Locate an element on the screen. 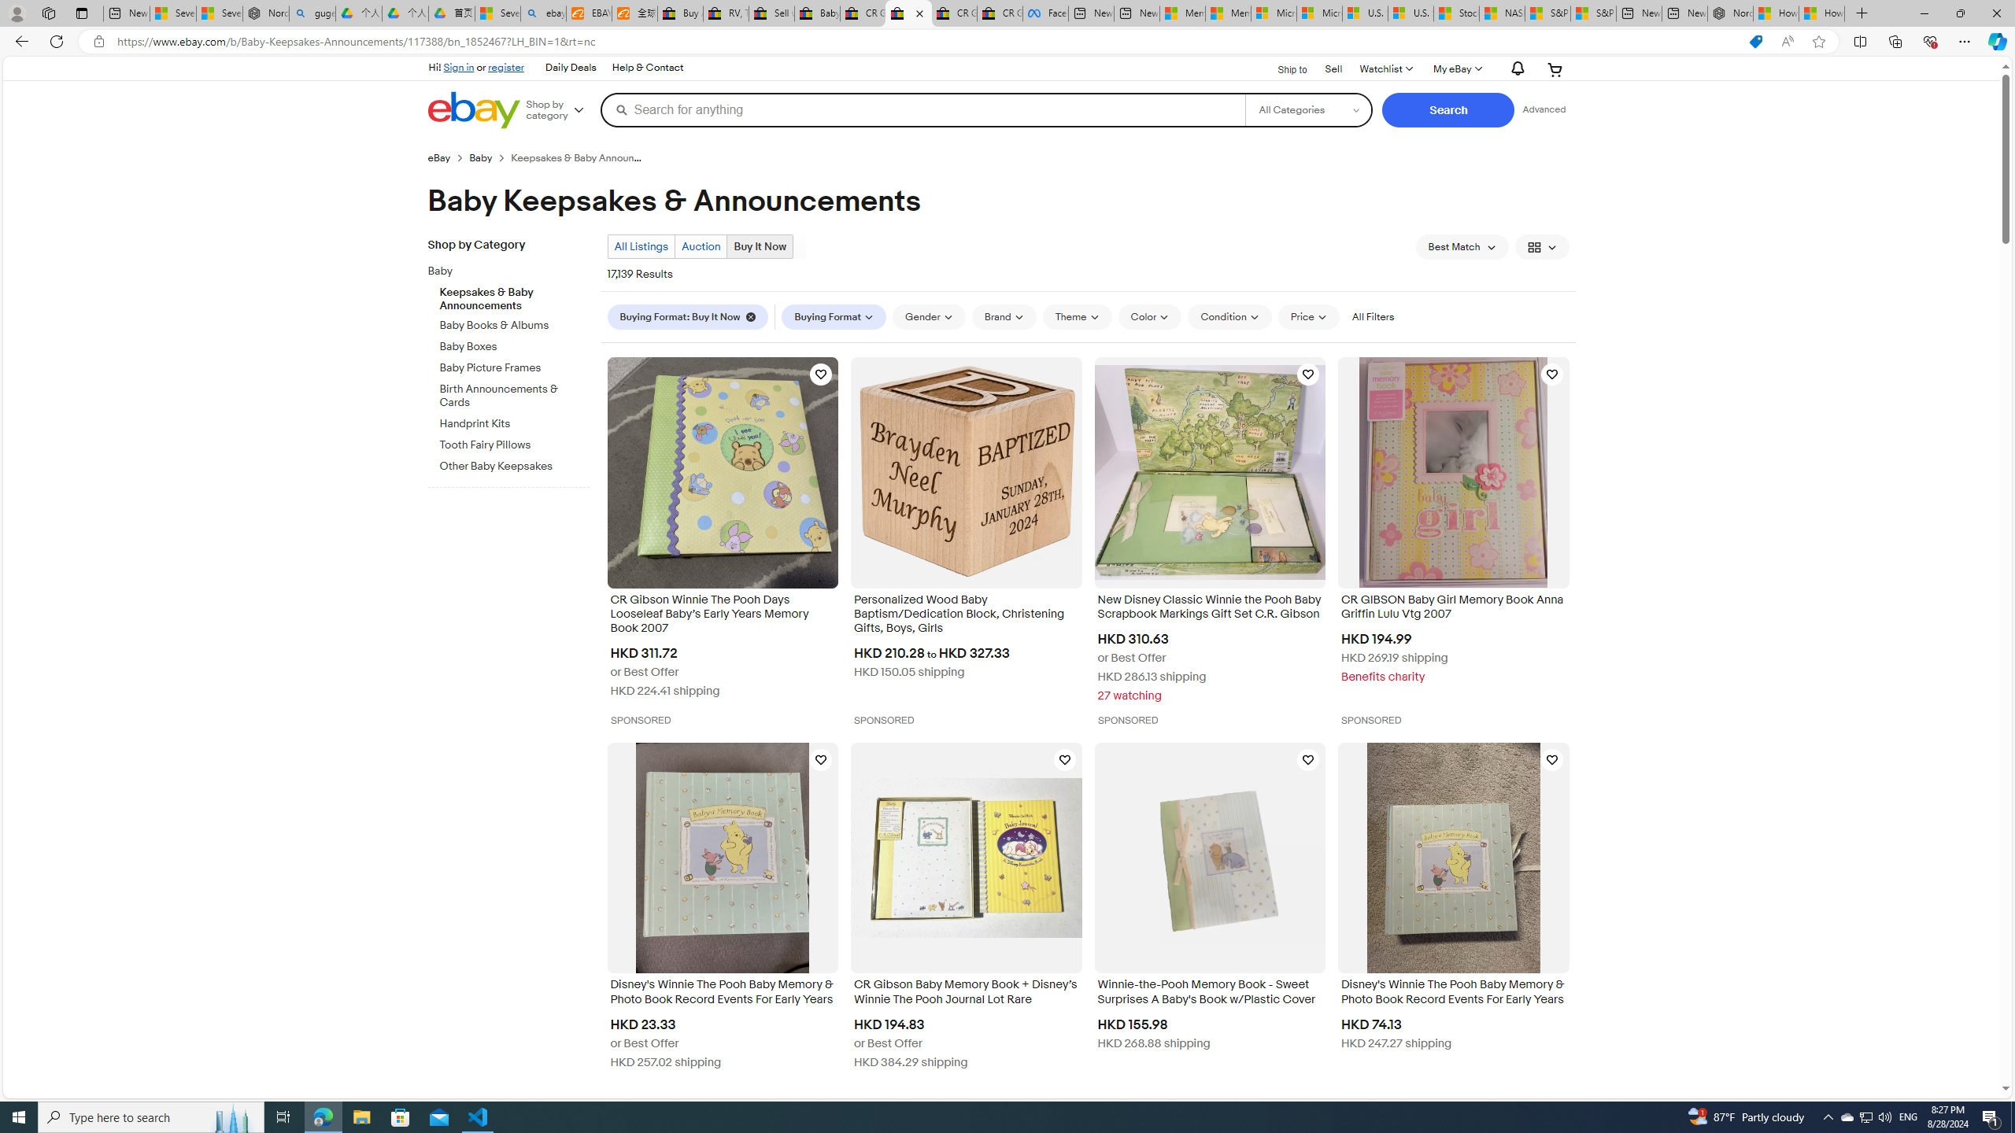 The image size is (2015, 1133). 'WatchlistExpand Watch List' is located at coordinates (1385, 68).